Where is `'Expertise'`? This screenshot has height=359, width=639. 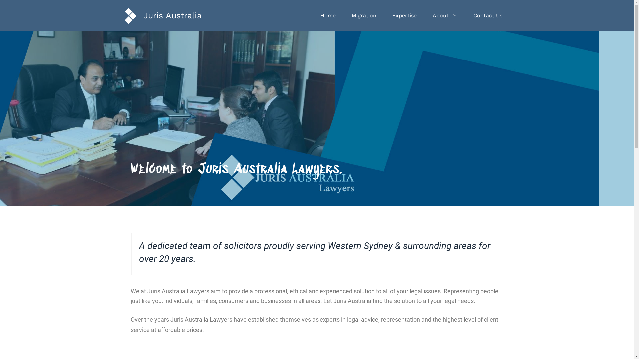 'Expertise' is located at coordinates (404, 15).